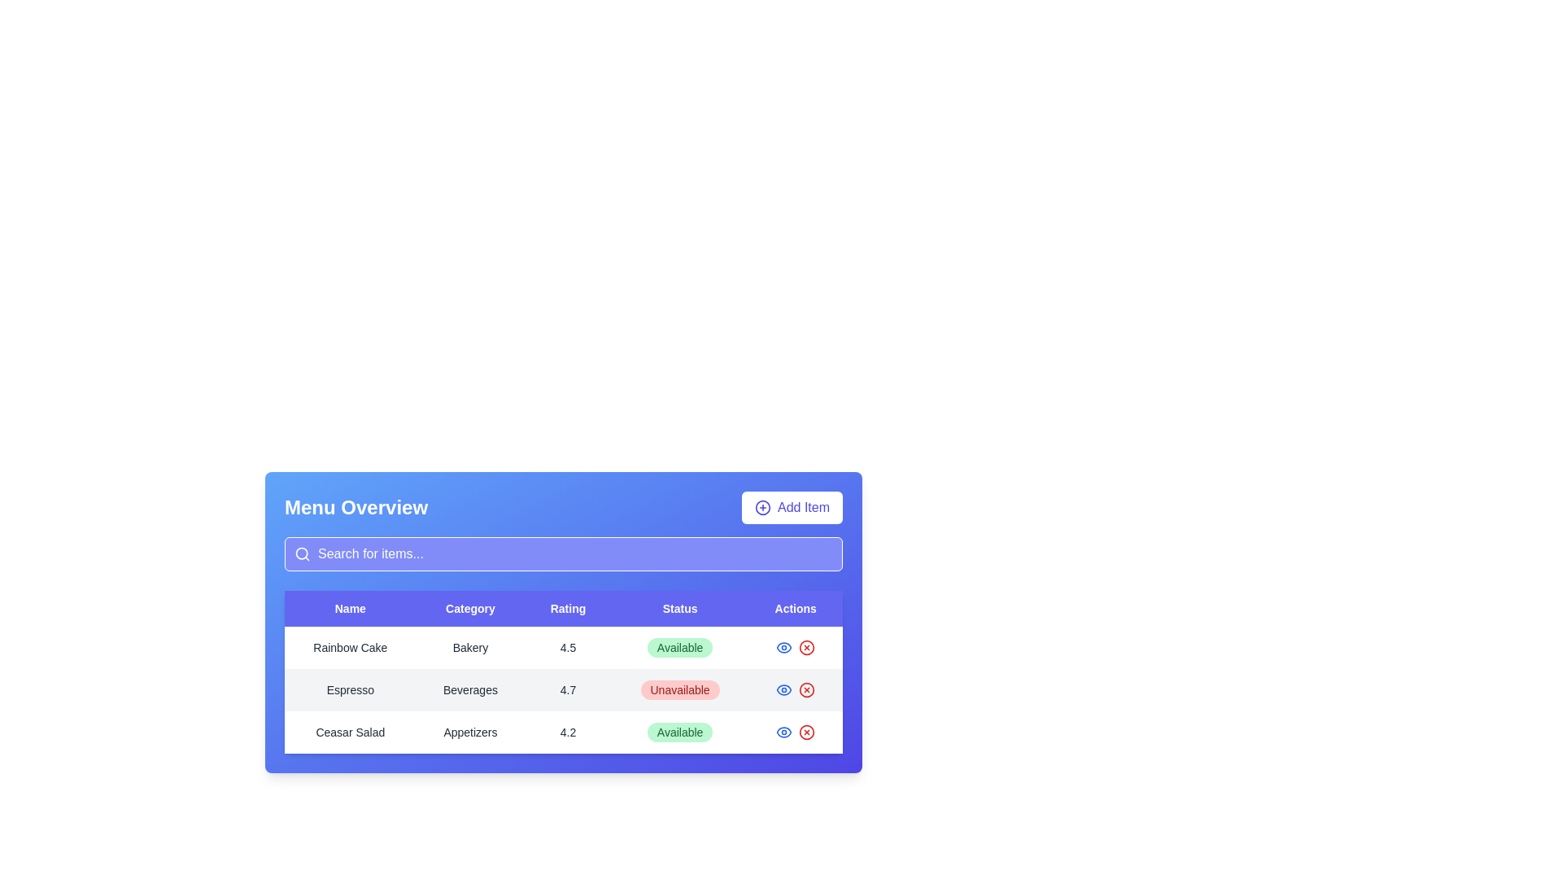 The width and height of the screenshot is (1562, 879). What do you see at coordinates (563, 690) in the screenshot?
I see `the second row in the table that displays 'Espresso' as its name, 'Beverages' as its category, '4.7' as its rating, and is marked as 'Unavailable' with a red label` at bounding box center [563, 690].